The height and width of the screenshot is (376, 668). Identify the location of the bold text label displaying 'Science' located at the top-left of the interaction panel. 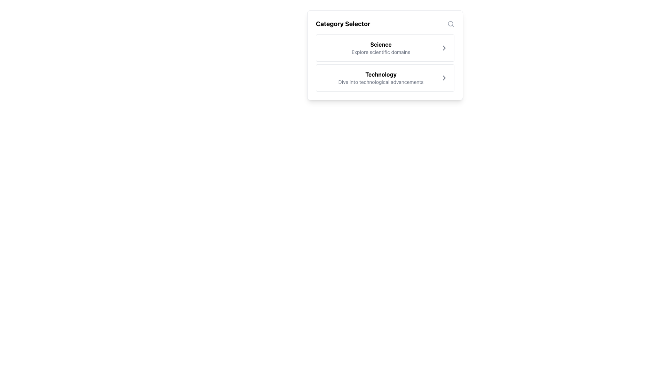
(380, 44).